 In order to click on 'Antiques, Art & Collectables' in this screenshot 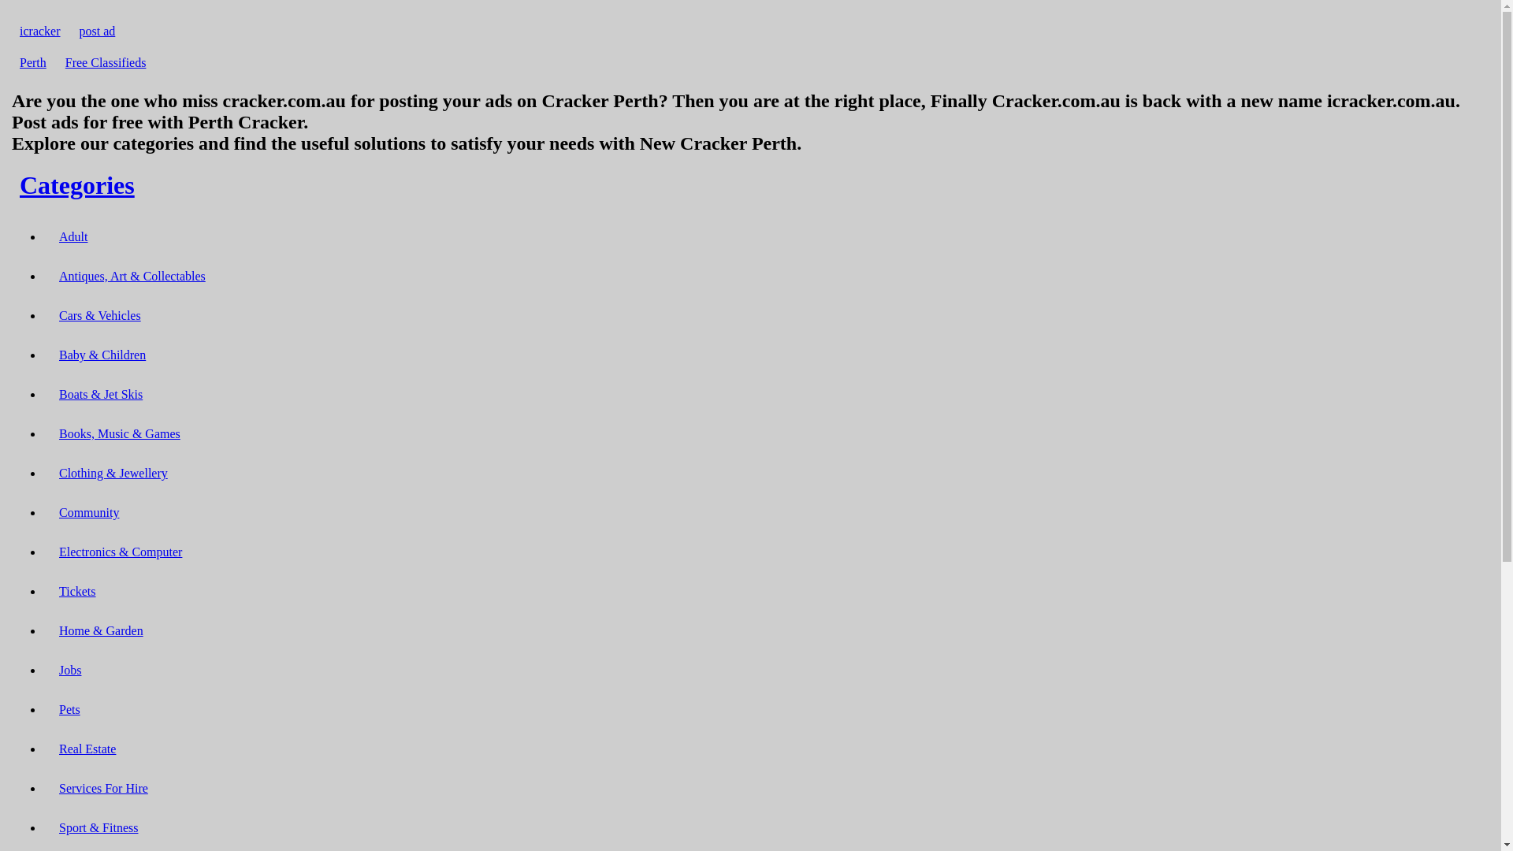, I will do `click(132, 275)`.